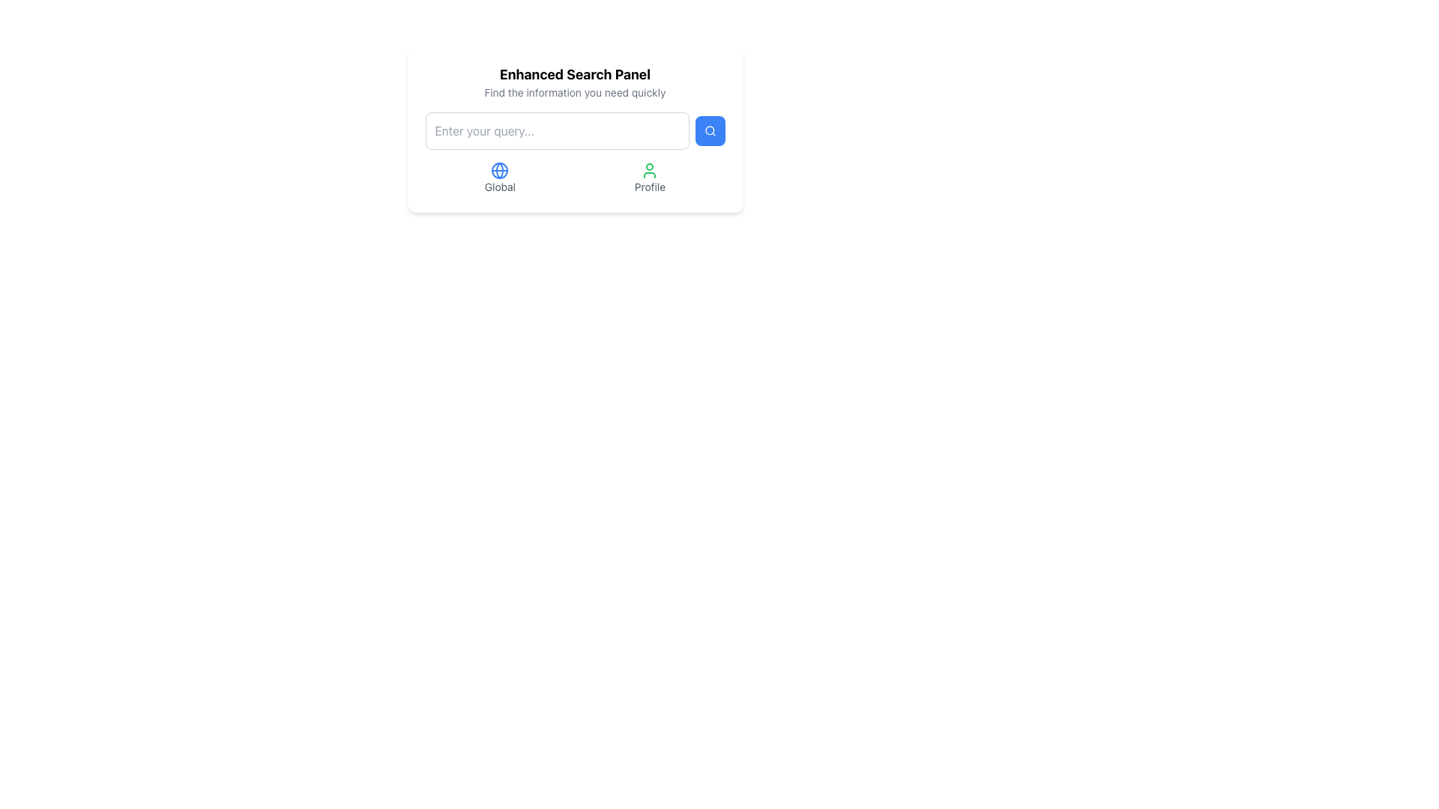  What do you see at coordinates (574, 92) in the screenshot?
I see `the text label that provides context to the 'Enhanced Search Panel' heading, located centrally at the top of the interface` at bounding box center [574, 92].